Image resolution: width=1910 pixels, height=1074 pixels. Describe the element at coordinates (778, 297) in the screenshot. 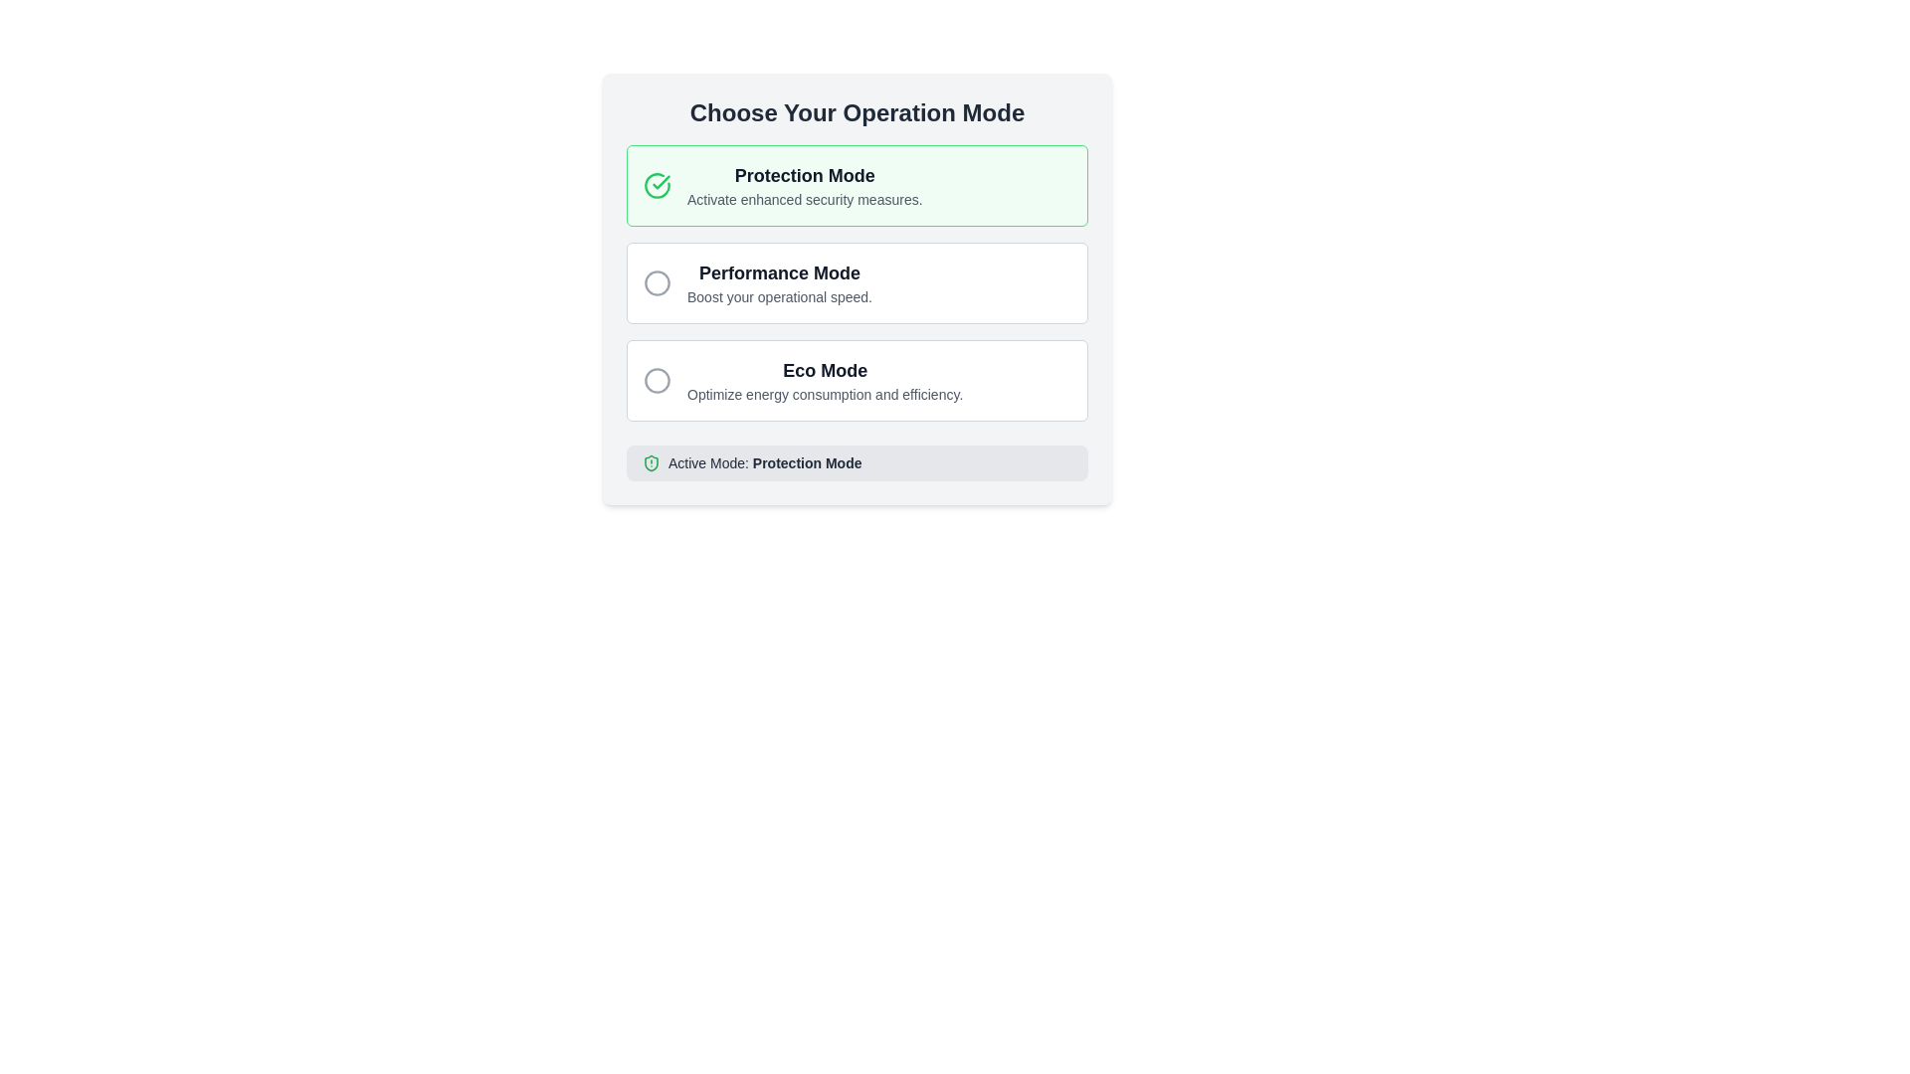

I see `descriptive information text label located below the 'Performance Mode' heading in the middle section of the options group` at that location.